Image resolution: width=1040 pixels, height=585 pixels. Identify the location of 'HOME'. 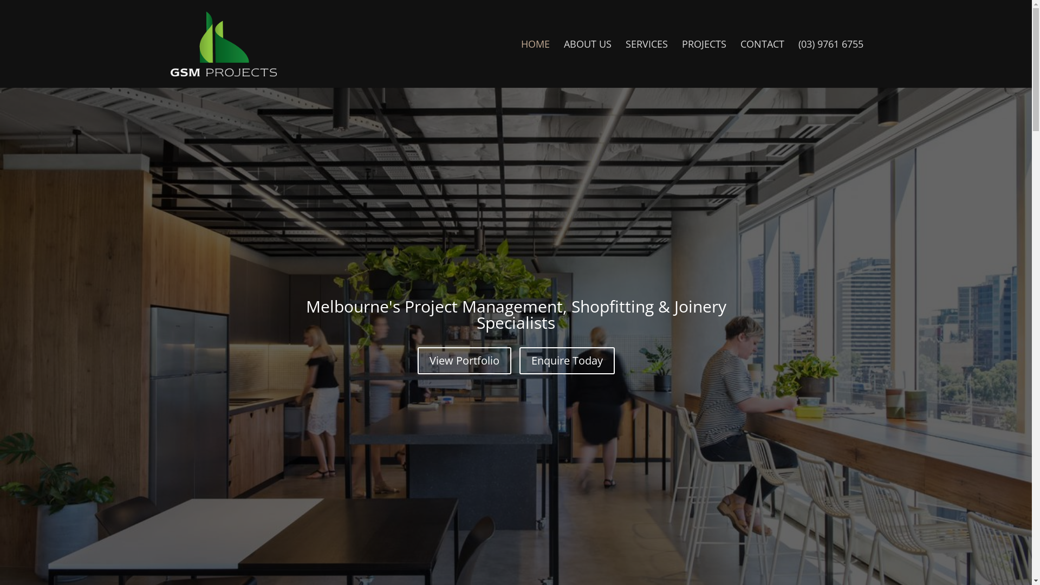
(521, 64).